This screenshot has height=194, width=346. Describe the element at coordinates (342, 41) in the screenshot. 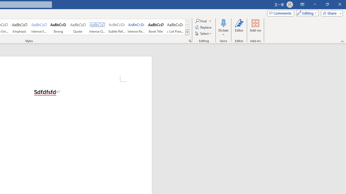

I see `'Collapse the Ribbon'` at that location.